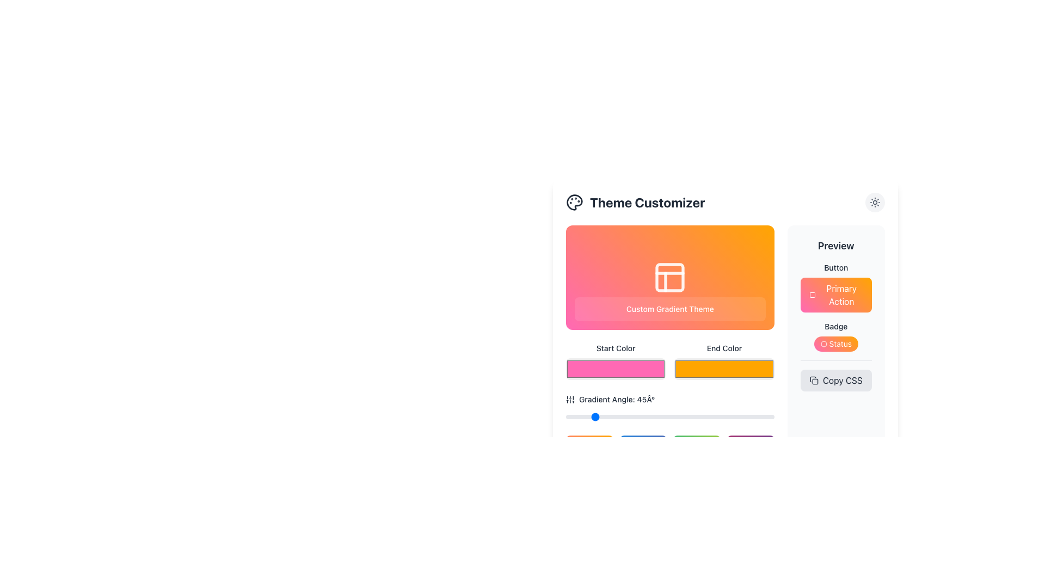 The height and width of the screenshot is (588, 1045). What do you see at coordinates (669, 362) in the screenshot?
I see `the 'Start Color' and 'End Color' selectors in the grid component` at bounding box center [669, 362].